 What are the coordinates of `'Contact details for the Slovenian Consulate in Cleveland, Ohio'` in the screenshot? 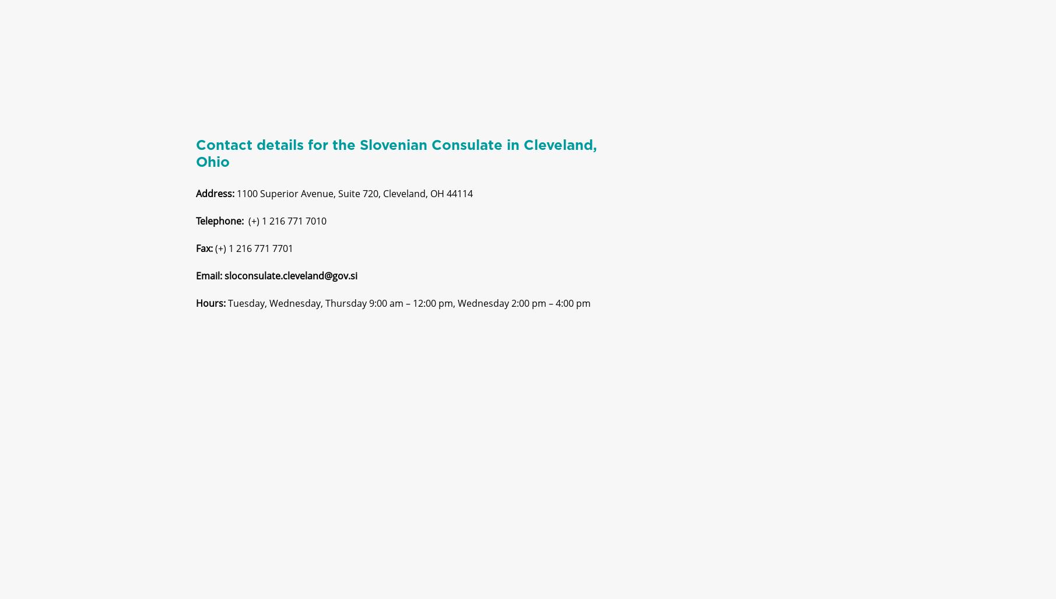 It's located at (395, 163).